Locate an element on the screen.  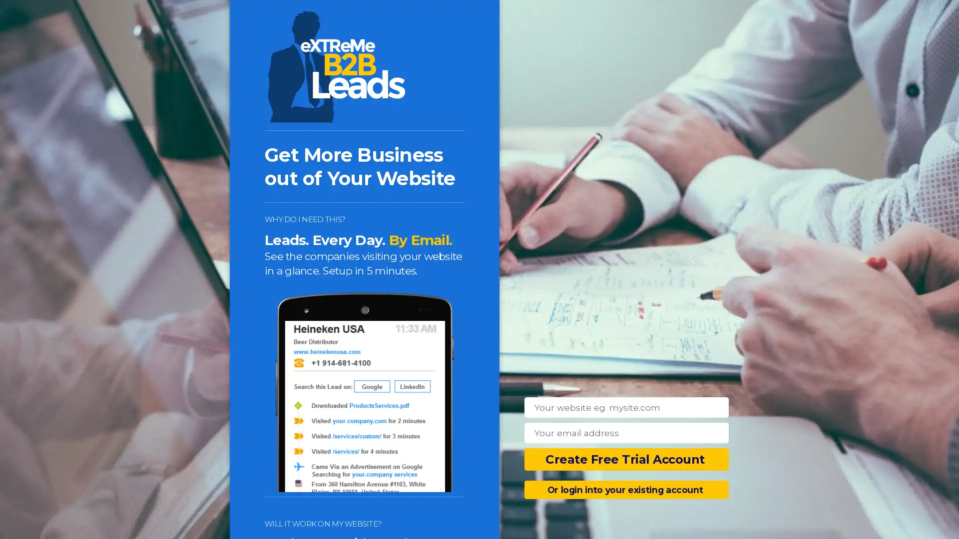
Or login into your existing account is located at coordinates (626, 489).